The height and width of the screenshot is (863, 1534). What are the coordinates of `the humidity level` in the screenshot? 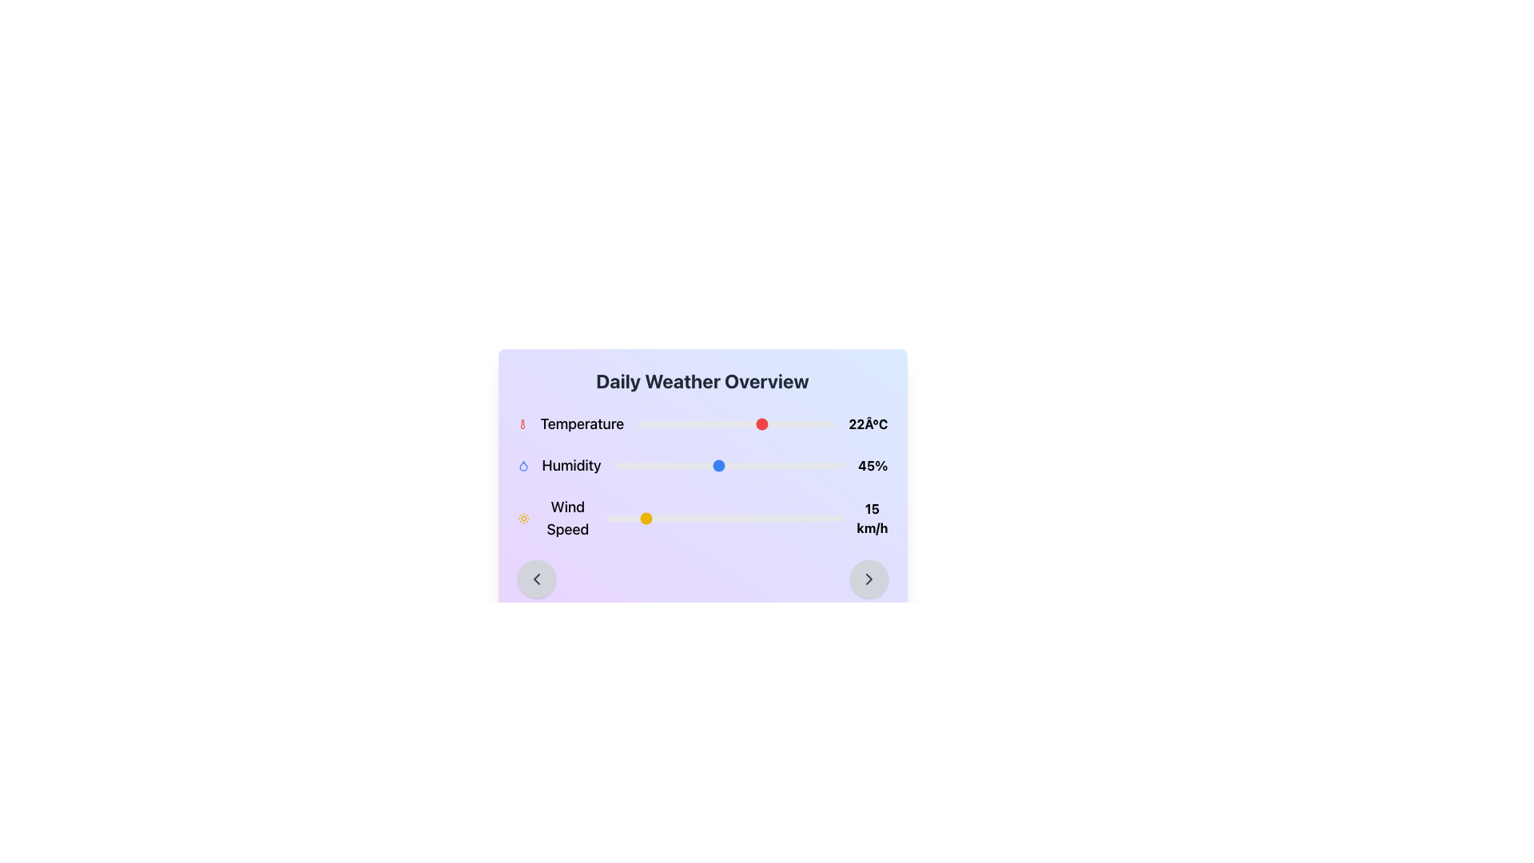 It's located at (726, 465).